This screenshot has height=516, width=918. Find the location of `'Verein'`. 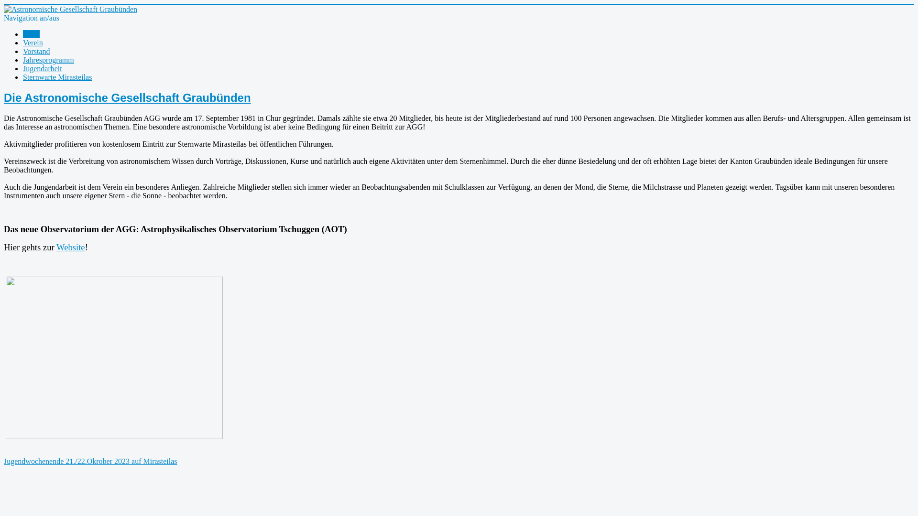

'Verein' is located at coordinates (33, 42).